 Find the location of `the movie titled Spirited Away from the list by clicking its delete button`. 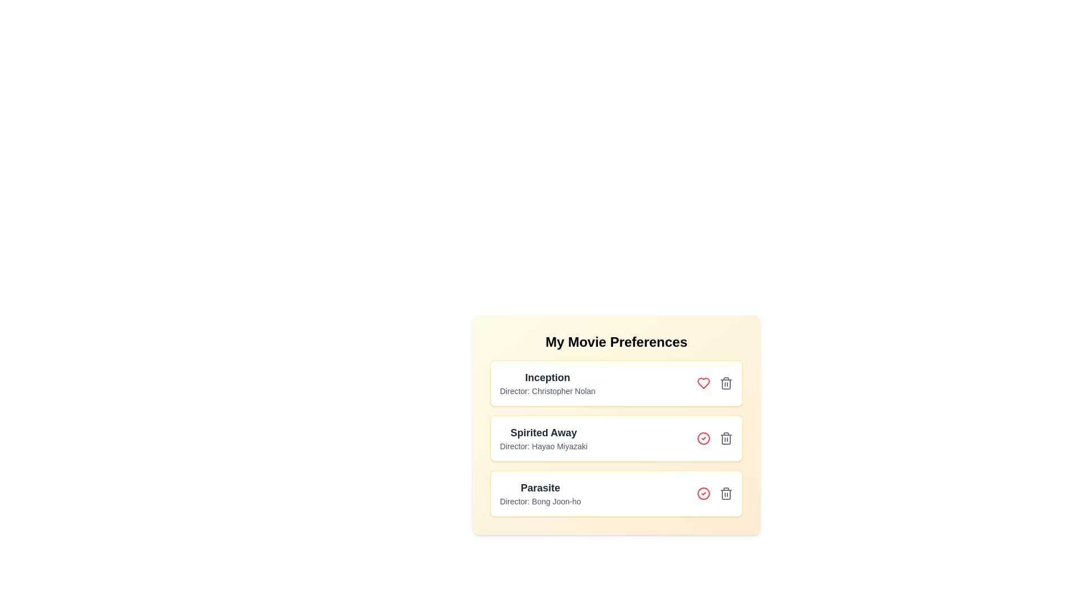

the movie titled Spirited Away from the list by clicking its delete button is located at coordinates (726, 438).